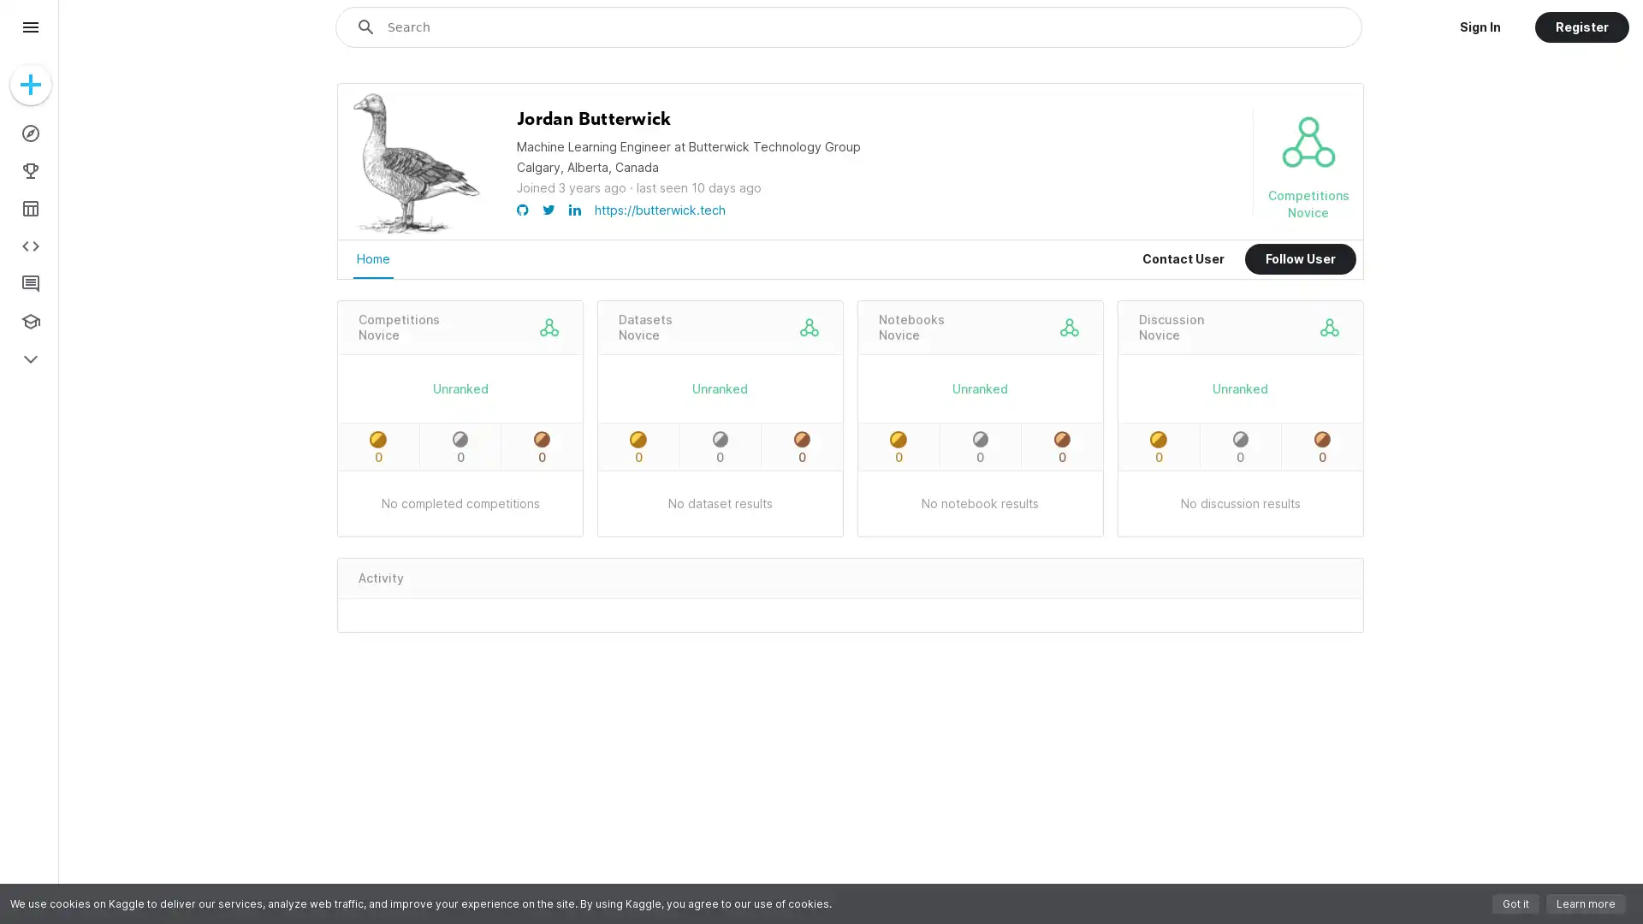 Image resolution: width=1643 pixels, height=924 pixels. Describe the element at coordinates (416, 233) in the screenshot. I see `image-url` at that location.